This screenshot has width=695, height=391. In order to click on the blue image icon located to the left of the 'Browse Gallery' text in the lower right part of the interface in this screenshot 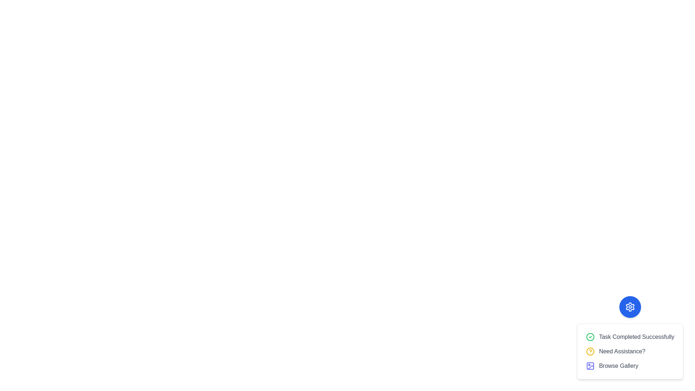, I will do `click(590, 366)`.